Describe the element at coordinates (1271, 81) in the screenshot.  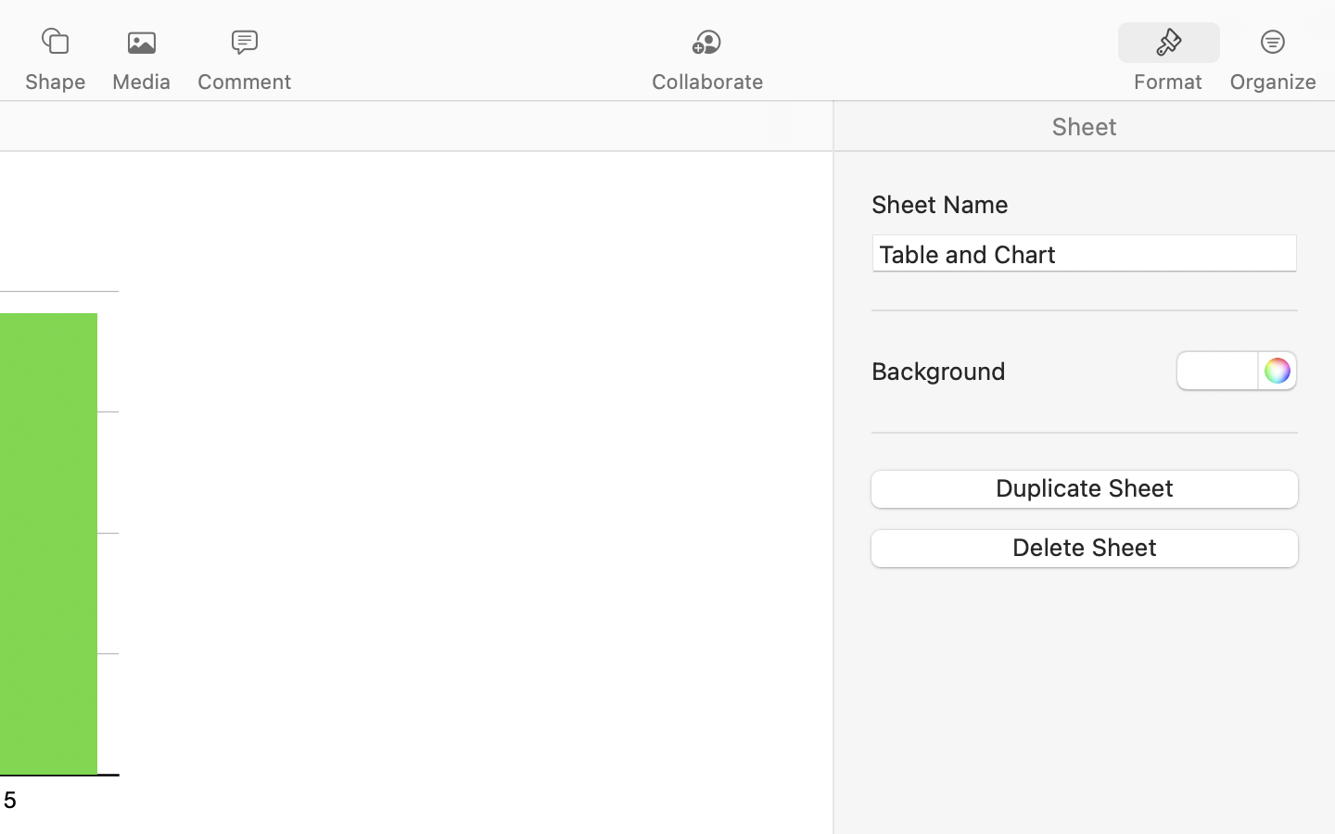
I see `'Organize'` at that location.